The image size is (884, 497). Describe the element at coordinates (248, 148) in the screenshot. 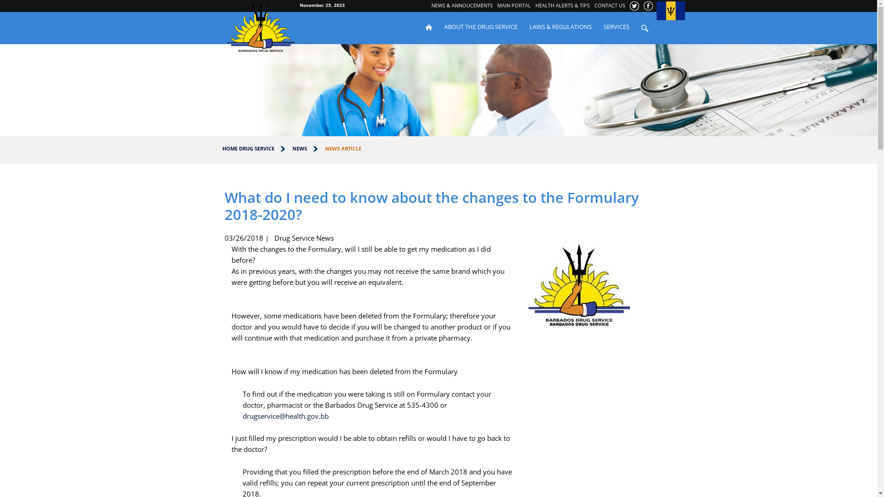

I see `'HOME DRUG SERVICE'` at that location.